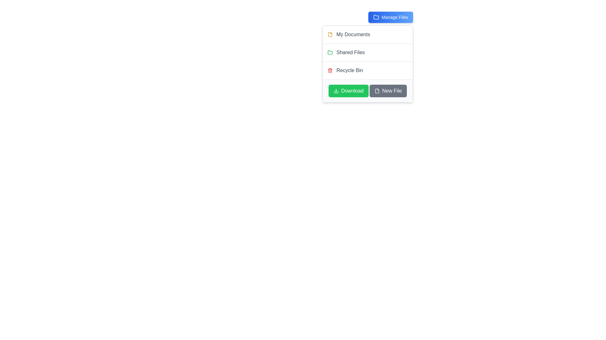 This screenshot has height=340, width=606. I want to click on the 'New File' button which contains the icon serving as a visual indicator for creating or working with a new file, located to the left of the text 'New File', so click(377, 91).